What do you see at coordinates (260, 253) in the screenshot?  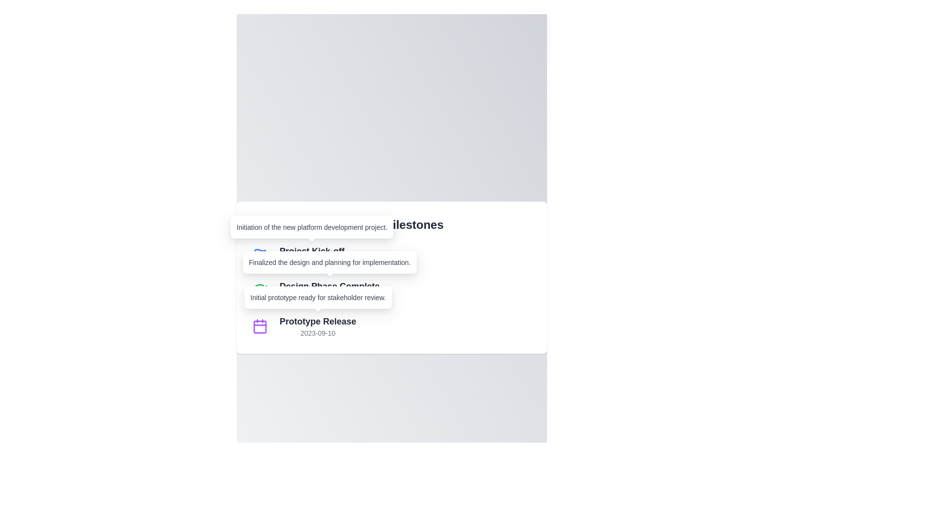 I see `the SVG flag icon located at the top left of the list item labeled 'Project Kick-off'` at bounding box center [260, 253].